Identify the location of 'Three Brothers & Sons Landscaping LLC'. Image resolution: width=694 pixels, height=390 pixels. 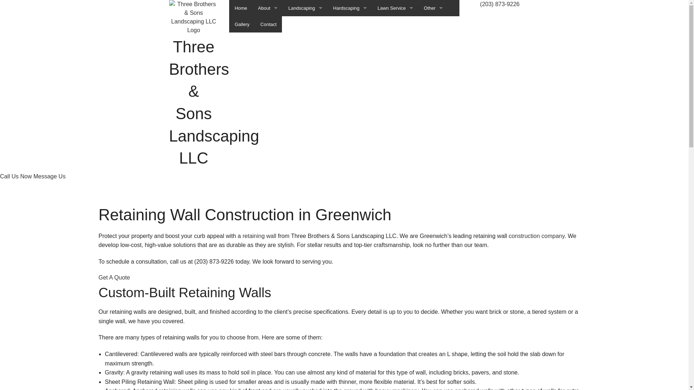
(168, 16).